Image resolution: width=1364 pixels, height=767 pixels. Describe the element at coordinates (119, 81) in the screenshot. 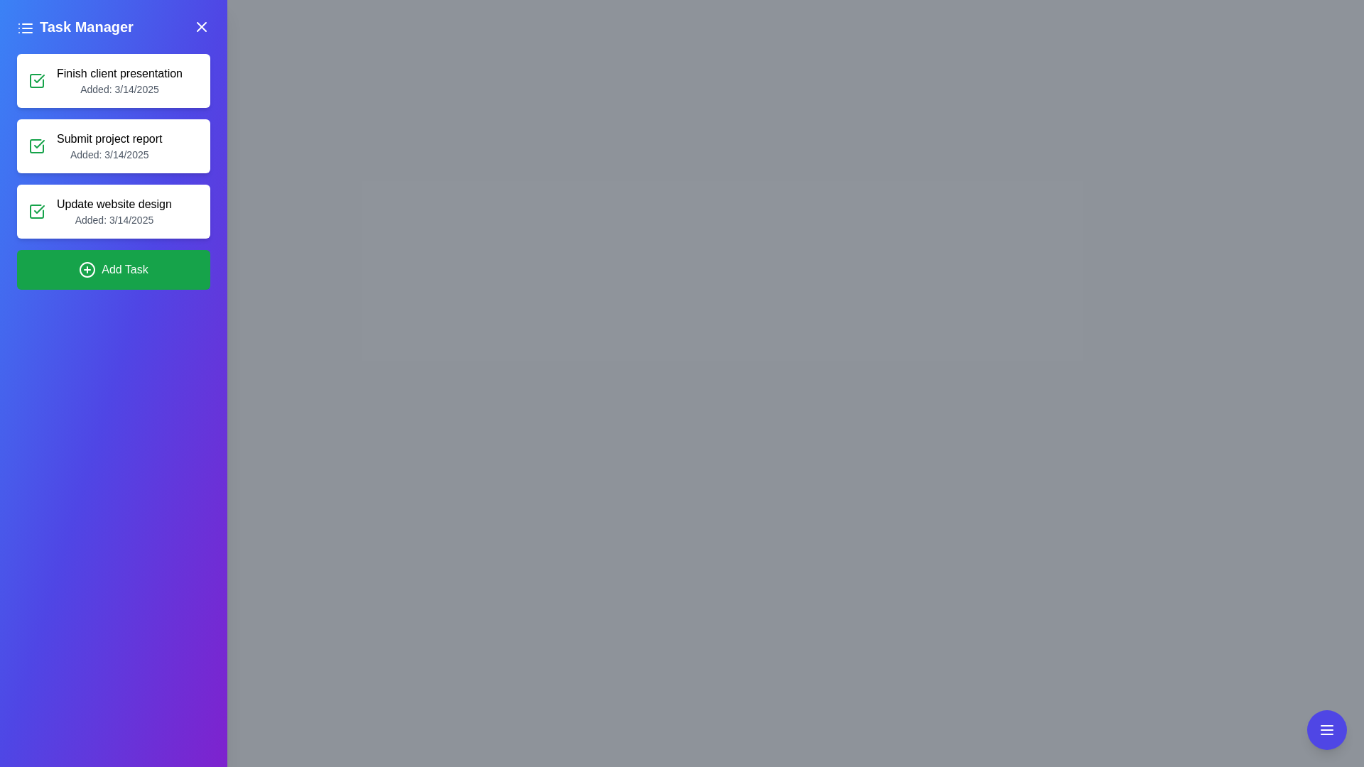

I see `the text block displaying 'Finish client presentation' in a bold font style, which is the topmost item in the 'Task Manager' panel` at that location.